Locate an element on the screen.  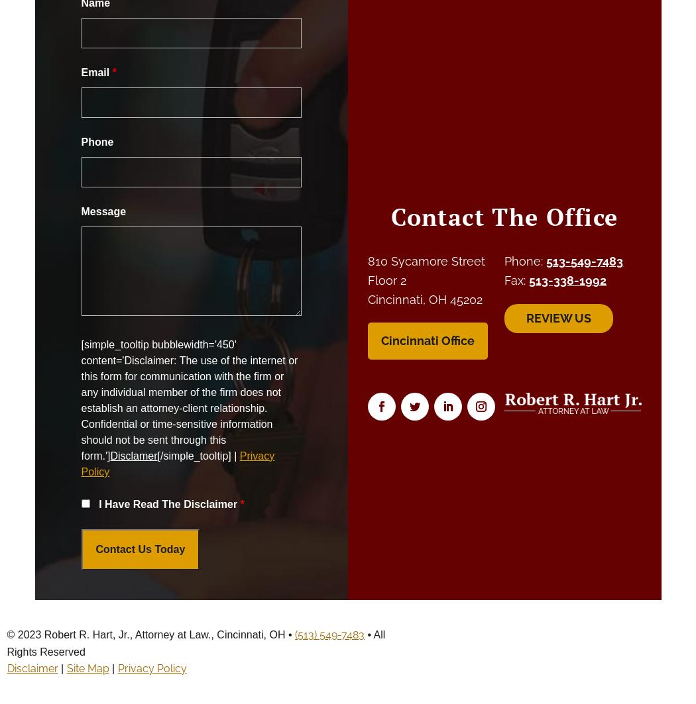
'Fax:' is located at coordinates (504, 279).